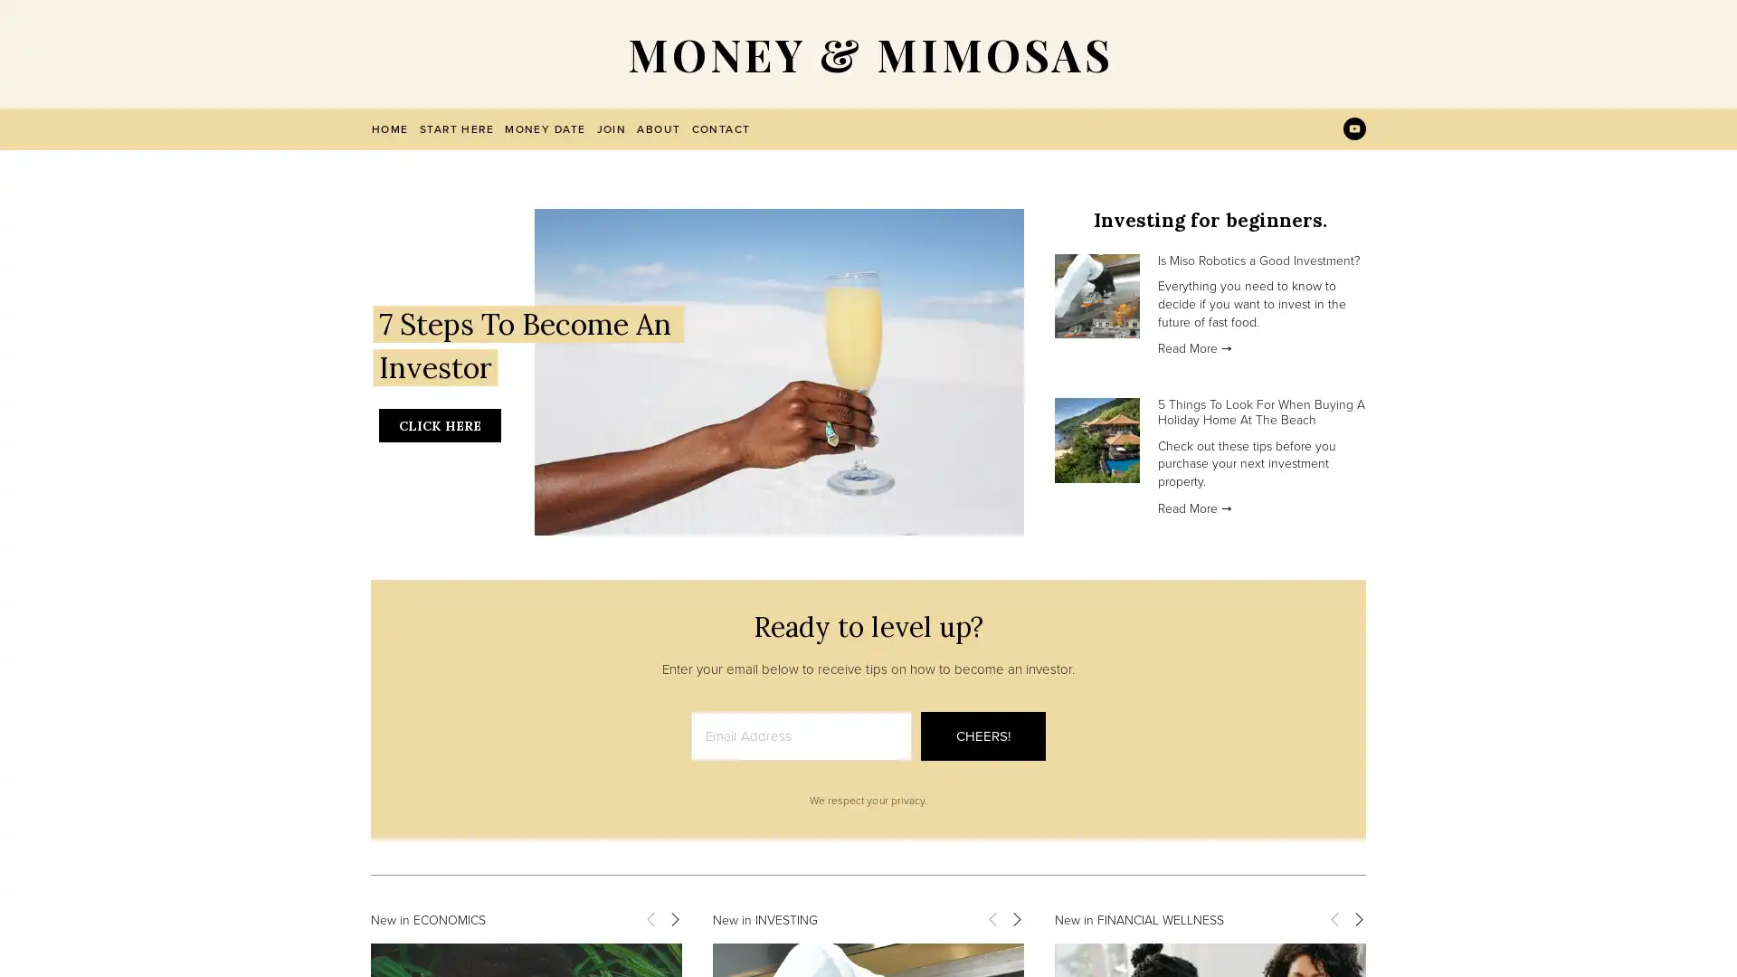 The height and width of the screenshot is (977, 1737). I want to click on Next, so click(1016, 917).